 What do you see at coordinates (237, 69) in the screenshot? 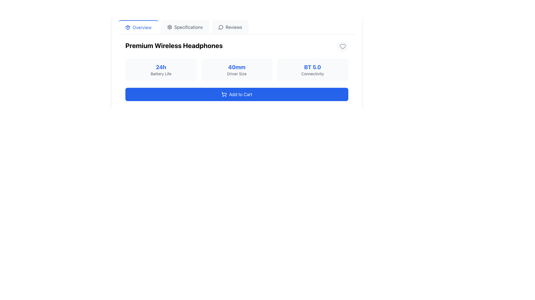
I see `the static text display component that shows '40mm' in bold blue text, located in the second card of a horizontal grid layout` at bounding box center [237, 69].